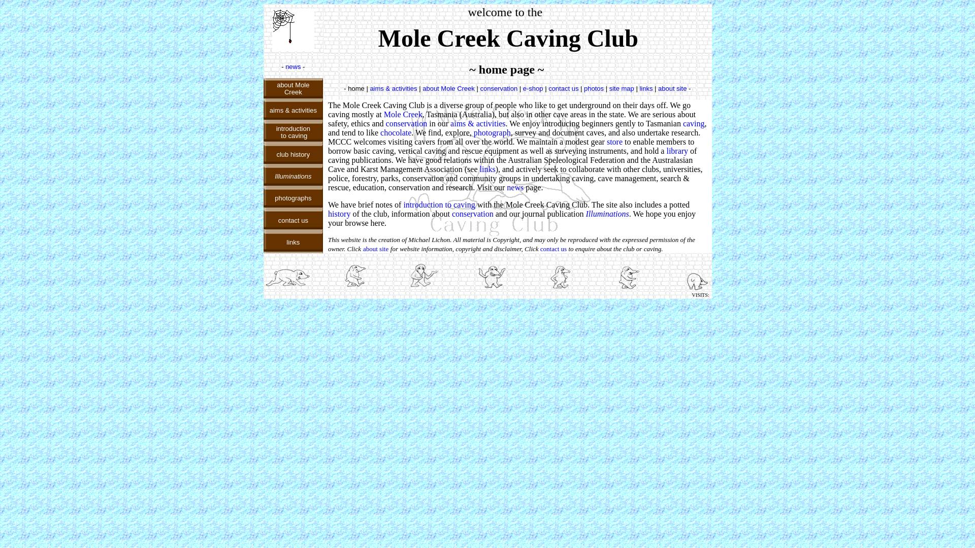  What do you see at coordinates (375, 248) in the screenshot?
I see `'about site'` at bounding box center [375, 248].